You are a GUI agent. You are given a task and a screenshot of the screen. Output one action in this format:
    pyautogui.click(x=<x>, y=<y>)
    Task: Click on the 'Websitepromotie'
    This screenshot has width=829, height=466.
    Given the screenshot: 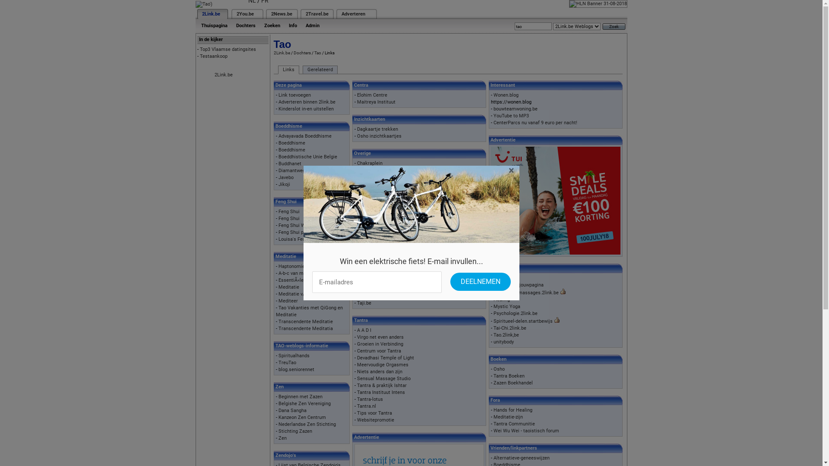 What is the action you would take?
    pyautogui.click(x=375, y=419)
    